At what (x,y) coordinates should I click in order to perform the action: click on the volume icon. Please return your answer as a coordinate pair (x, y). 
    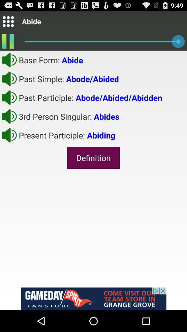
    Looking at the image, I should click on (9, 144).